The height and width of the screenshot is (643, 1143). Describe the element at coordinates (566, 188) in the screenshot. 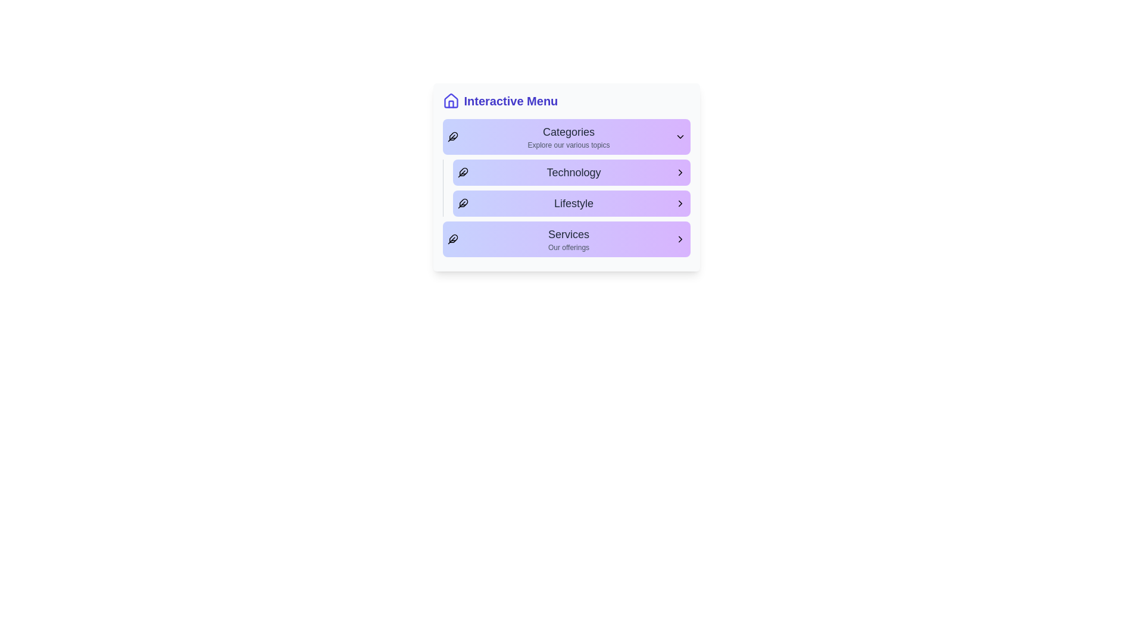

I see `the 'Technology' category list item` at that location.